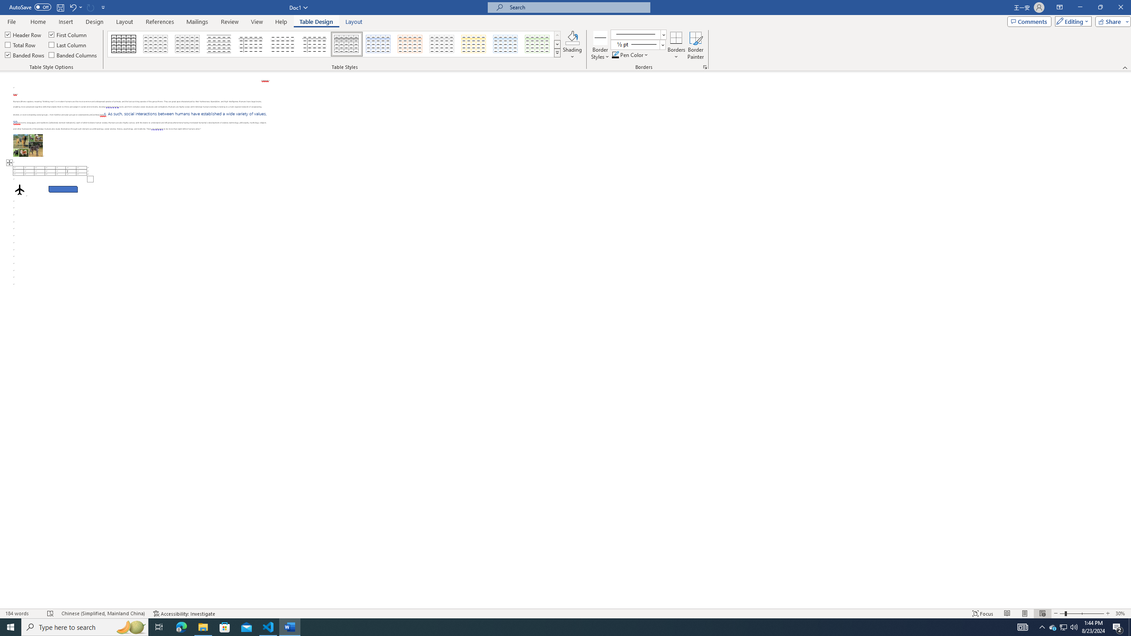  I want to click on 'Plain Table 5', so click(315, 44).